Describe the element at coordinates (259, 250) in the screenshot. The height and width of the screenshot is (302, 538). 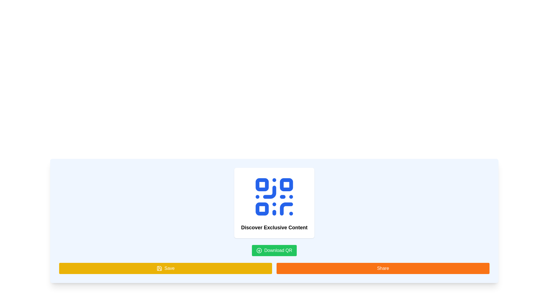
I see `the decorative graphic icon on the left side of the 'Download QR' button, which is visually represented within the green button located below the central content of the interface` at that location.